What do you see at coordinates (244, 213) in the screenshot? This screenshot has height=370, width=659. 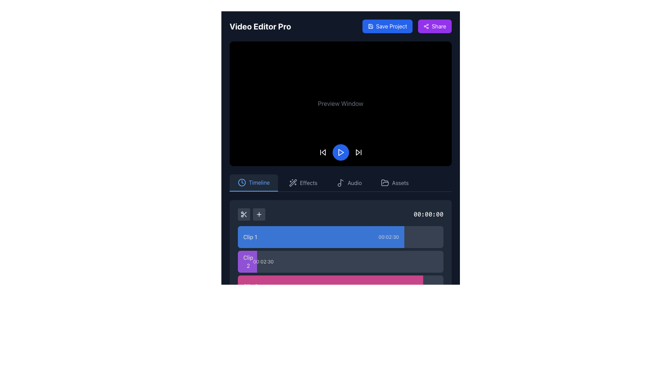 I see `the 'cut' button located in the bottom-left portion of the interface, which is the leftmost button in a horizontal set of two buttons` at bounding box center [244, 213].